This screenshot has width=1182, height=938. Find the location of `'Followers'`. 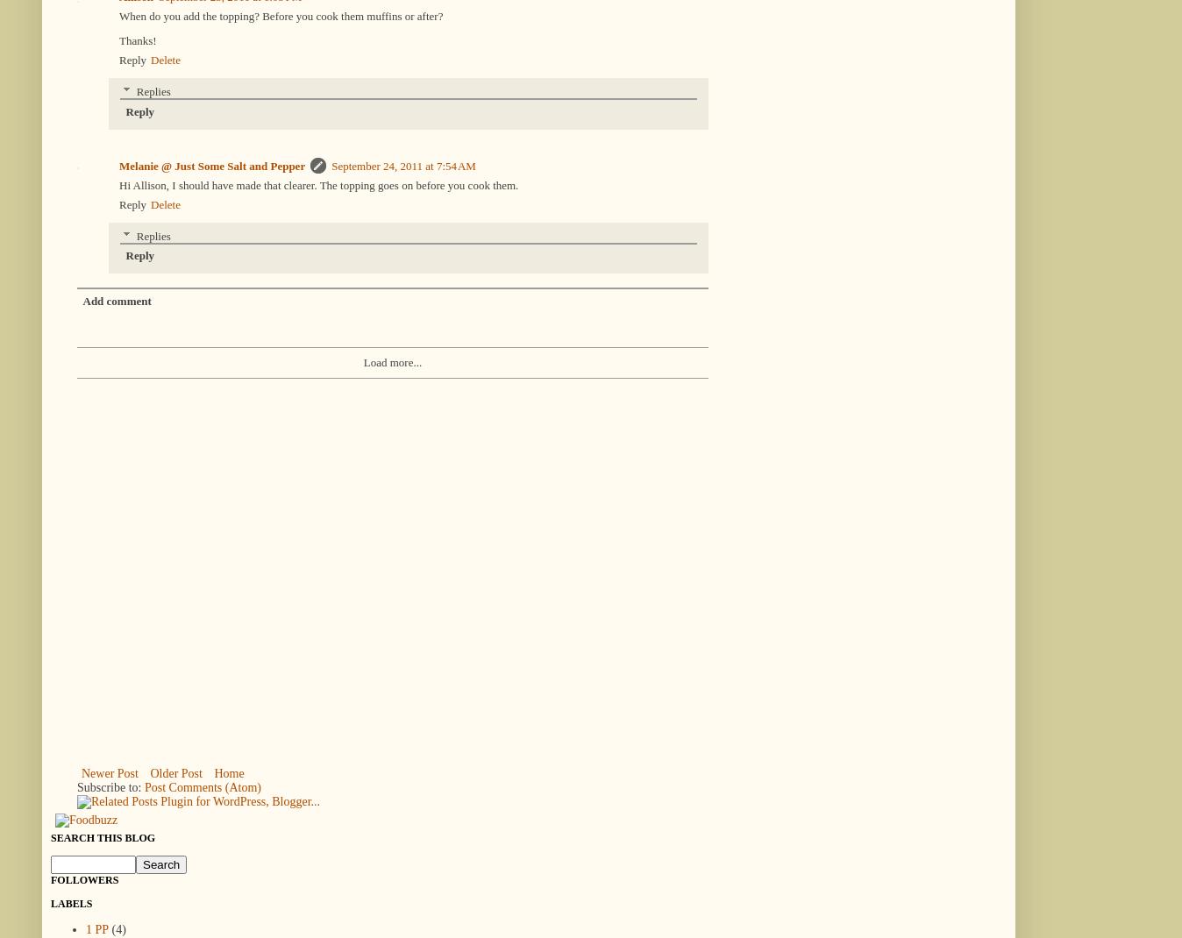

'Followers' is located at coordinates (83, 879).